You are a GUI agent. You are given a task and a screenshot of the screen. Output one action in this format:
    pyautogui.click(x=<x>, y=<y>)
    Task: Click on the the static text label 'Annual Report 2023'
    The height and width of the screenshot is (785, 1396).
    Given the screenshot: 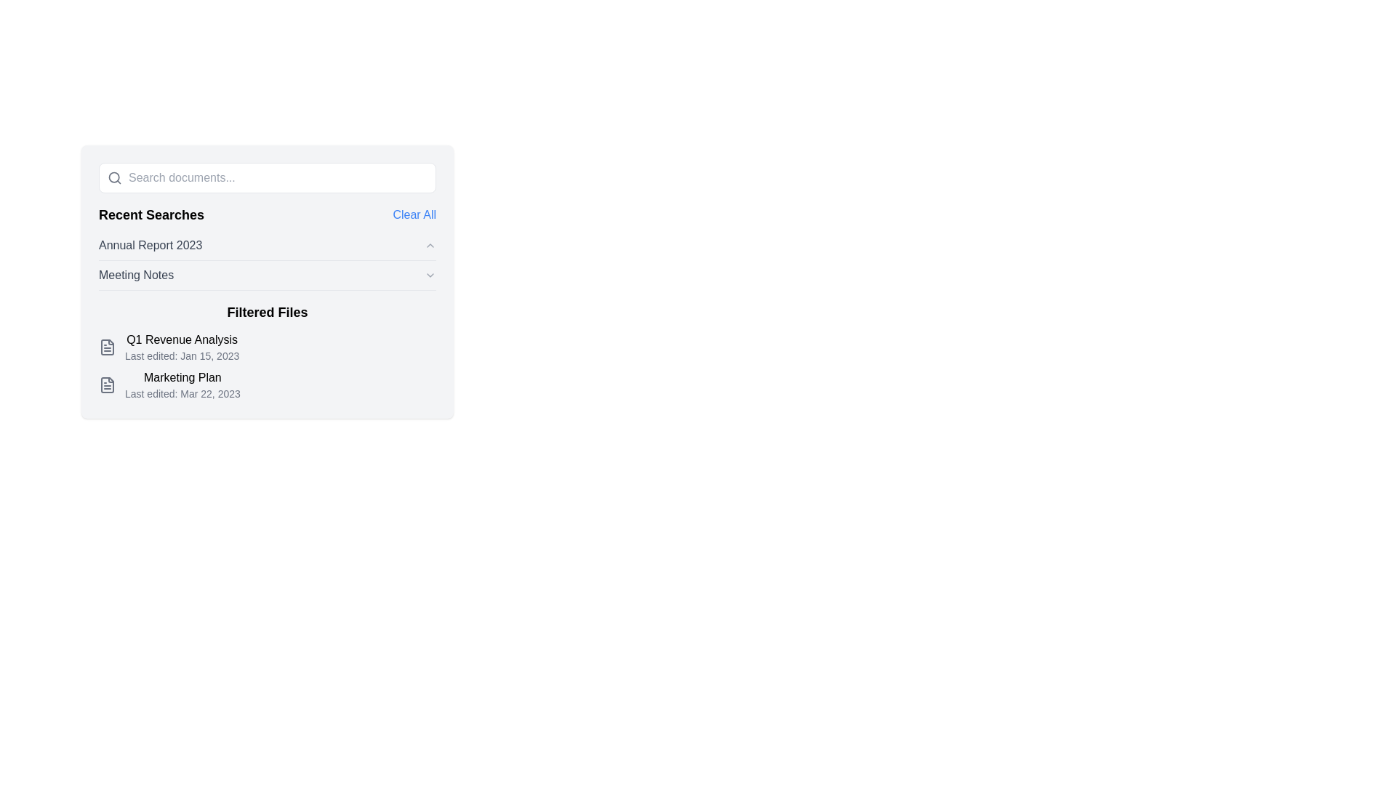 What is the action you would take?
    pyautogui.click(x=151, y=245)
    